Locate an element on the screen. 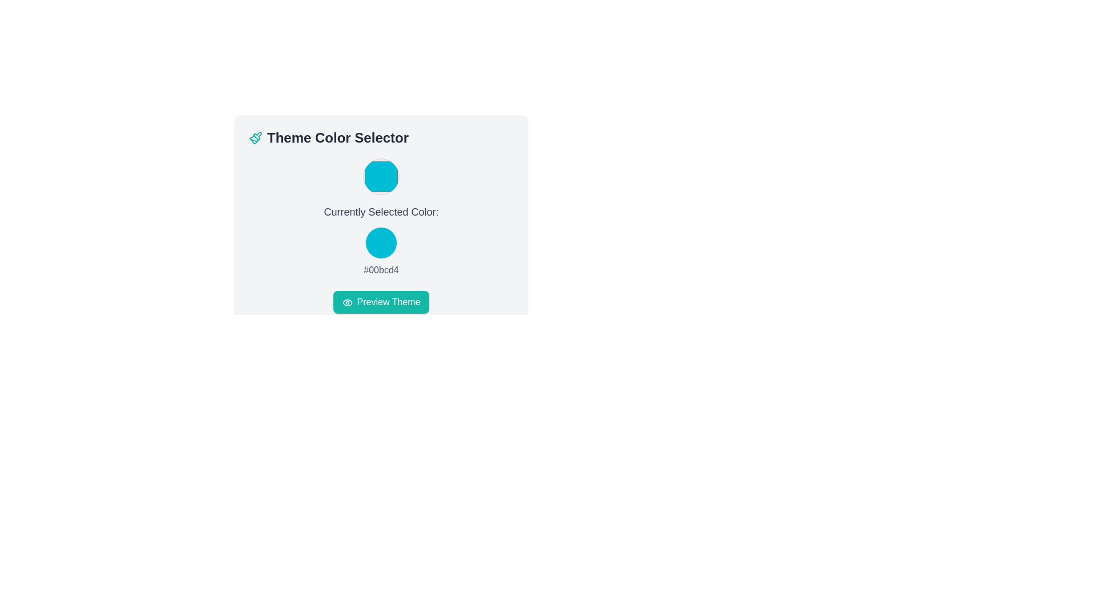 This screenshot has height=616, width=1096. the text label that displays 'Currently Selected Color:' which is styled with a medium-sized gray font and is located in the center of the interface is located at coordinates (381, 212).